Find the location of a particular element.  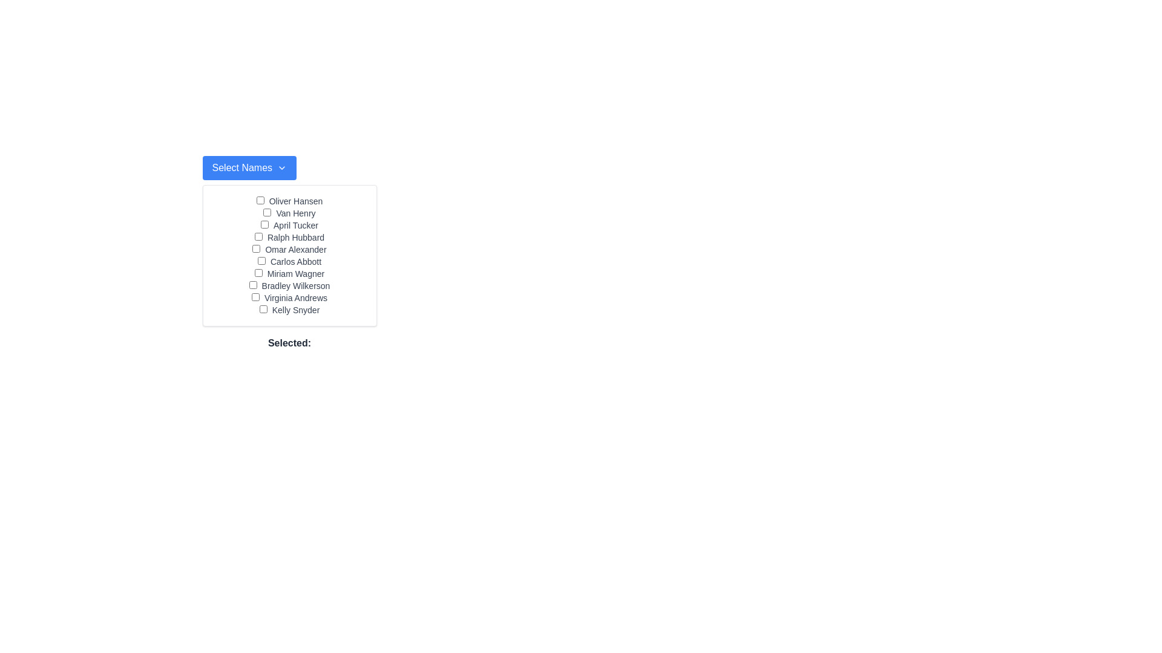

the standard checkbox next to the text 'Van Henry' is located at coordinates (266, 212).